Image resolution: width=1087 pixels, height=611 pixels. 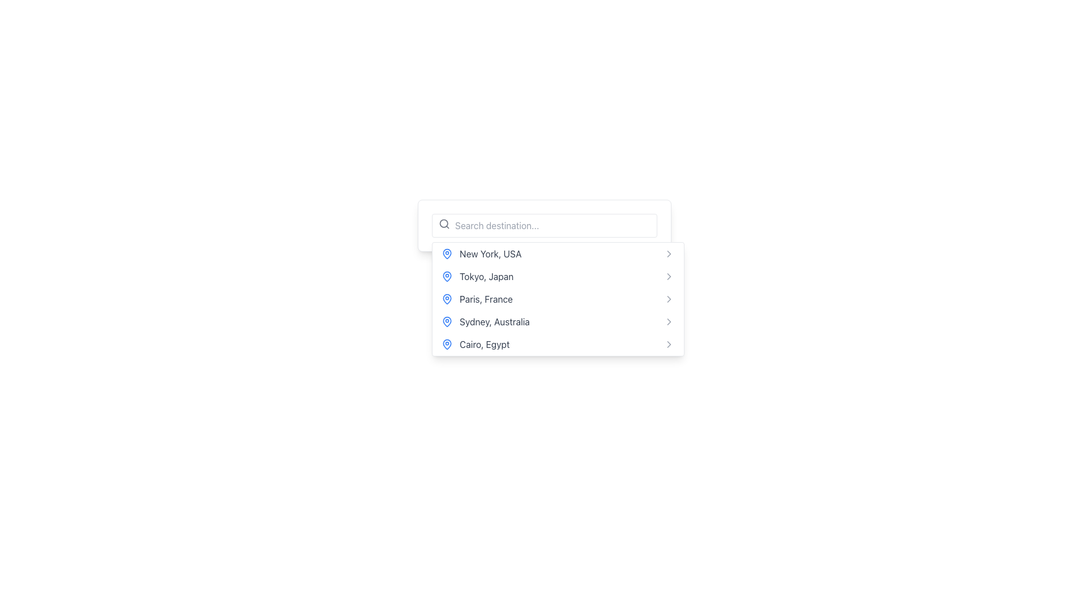 What do you see at coordinates (669, 344) in the screenshot?
I see `the Chevron Icon located at the far right of the 'Cairo, Egypt' list item, which indicates possible navigation or additional actions` at bounding box center [669, 344].